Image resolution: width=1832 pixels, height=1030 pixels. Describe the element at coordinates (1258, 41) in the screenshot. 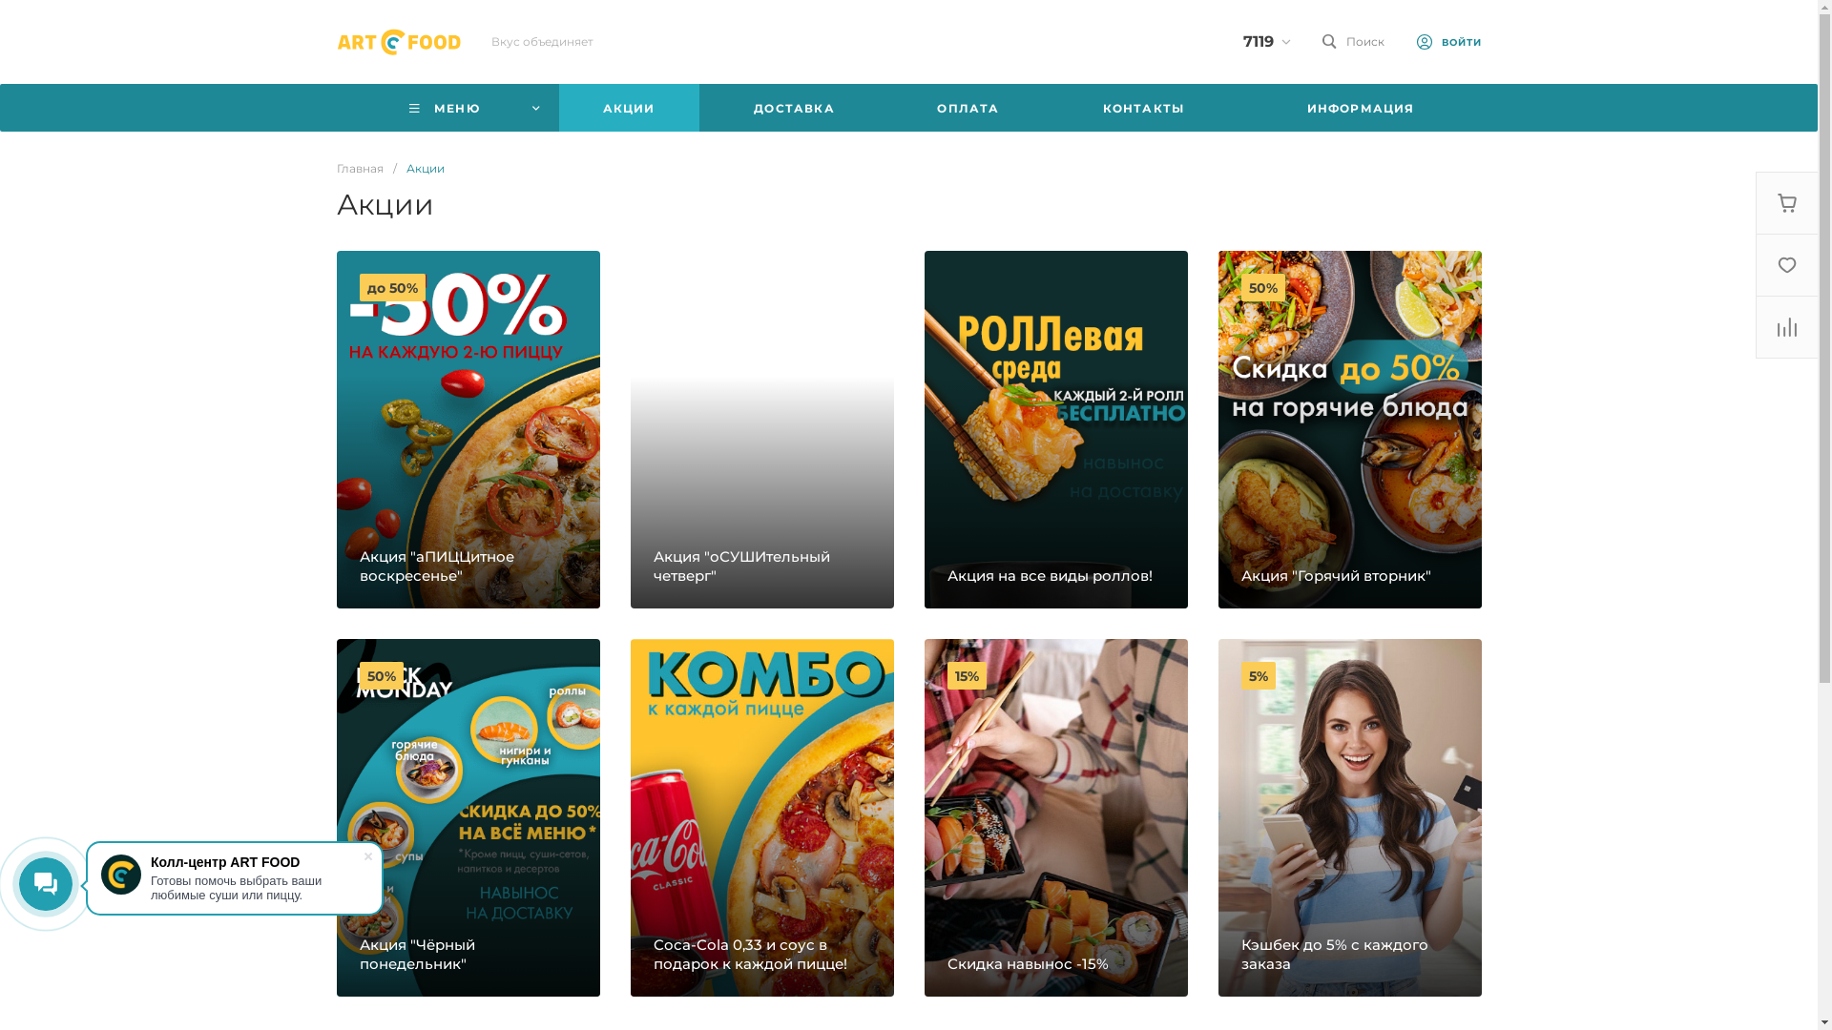

I see `'7119'` at that location.